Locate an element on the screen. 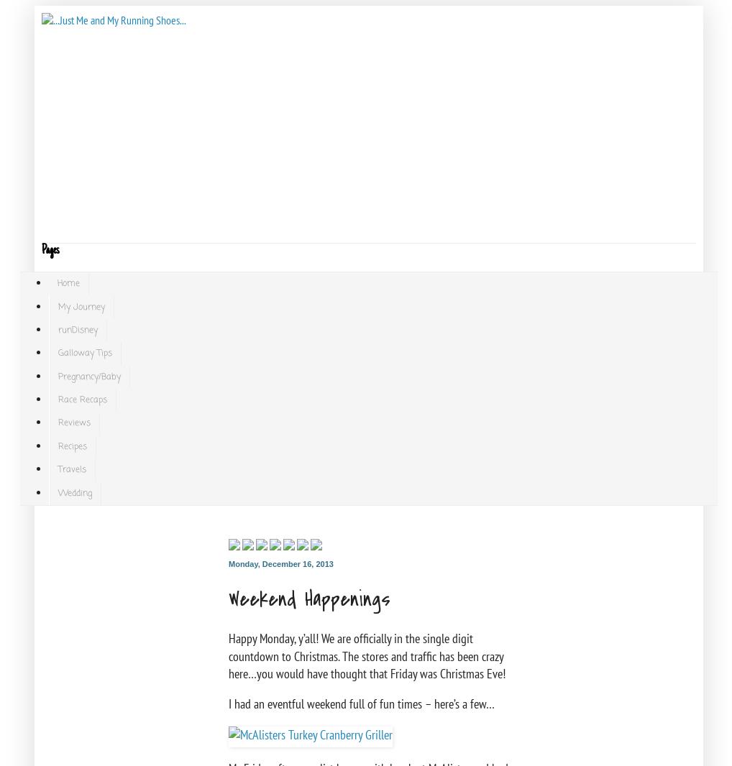 The height and width of the screenshot is (766, 732). 'I had an eventful weekend full of fun times – here’s a few…' is located at coordinates (361, 703).